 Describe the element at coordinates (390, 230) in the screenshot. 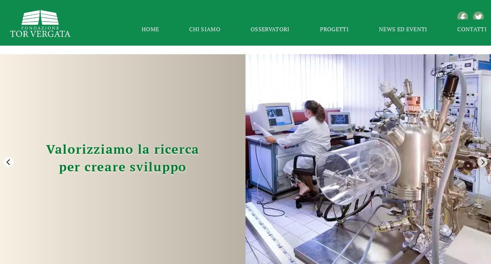

I see `'Presentazione del Volume "Spostare il baricentro. Il PNRR, l'Europa e la politica industriale"'` at that location.